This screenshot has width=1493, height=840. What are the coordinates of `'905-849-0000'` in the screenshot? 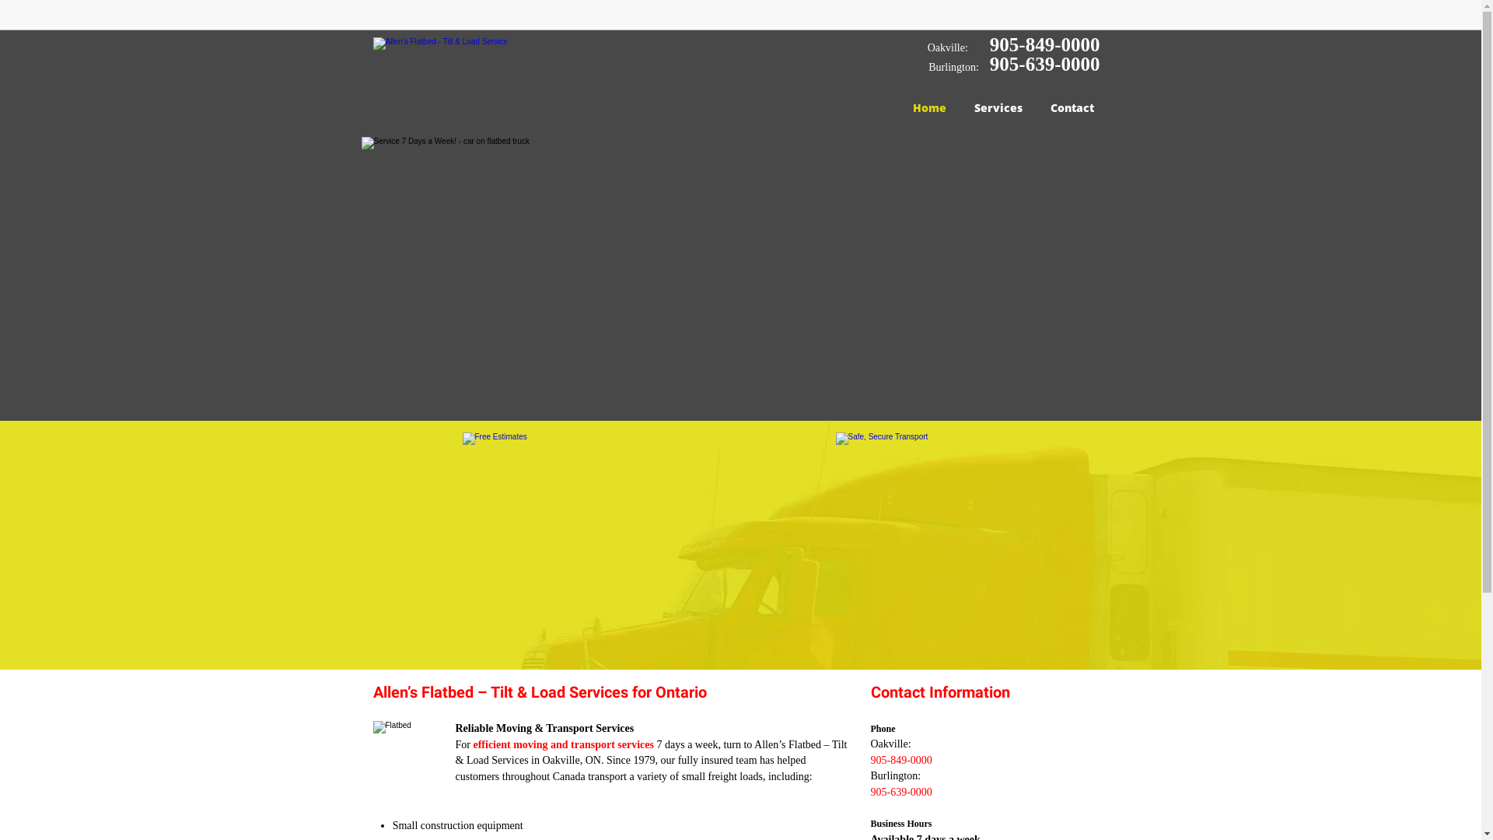 It's located at (869, 759).